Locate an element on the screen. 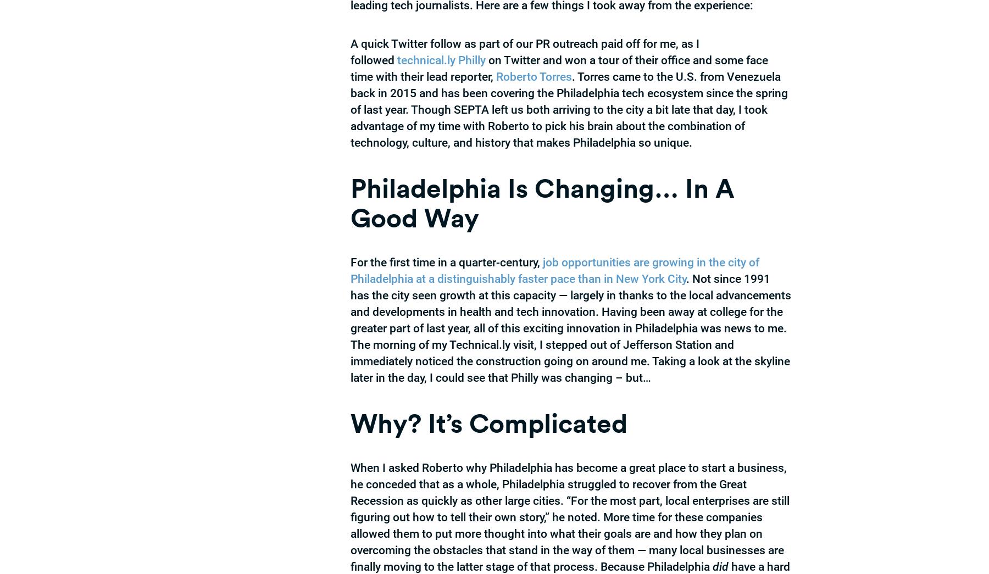 The height and width of the screenshot is (574, 989). 'did' is located at coordinates (713, 567).